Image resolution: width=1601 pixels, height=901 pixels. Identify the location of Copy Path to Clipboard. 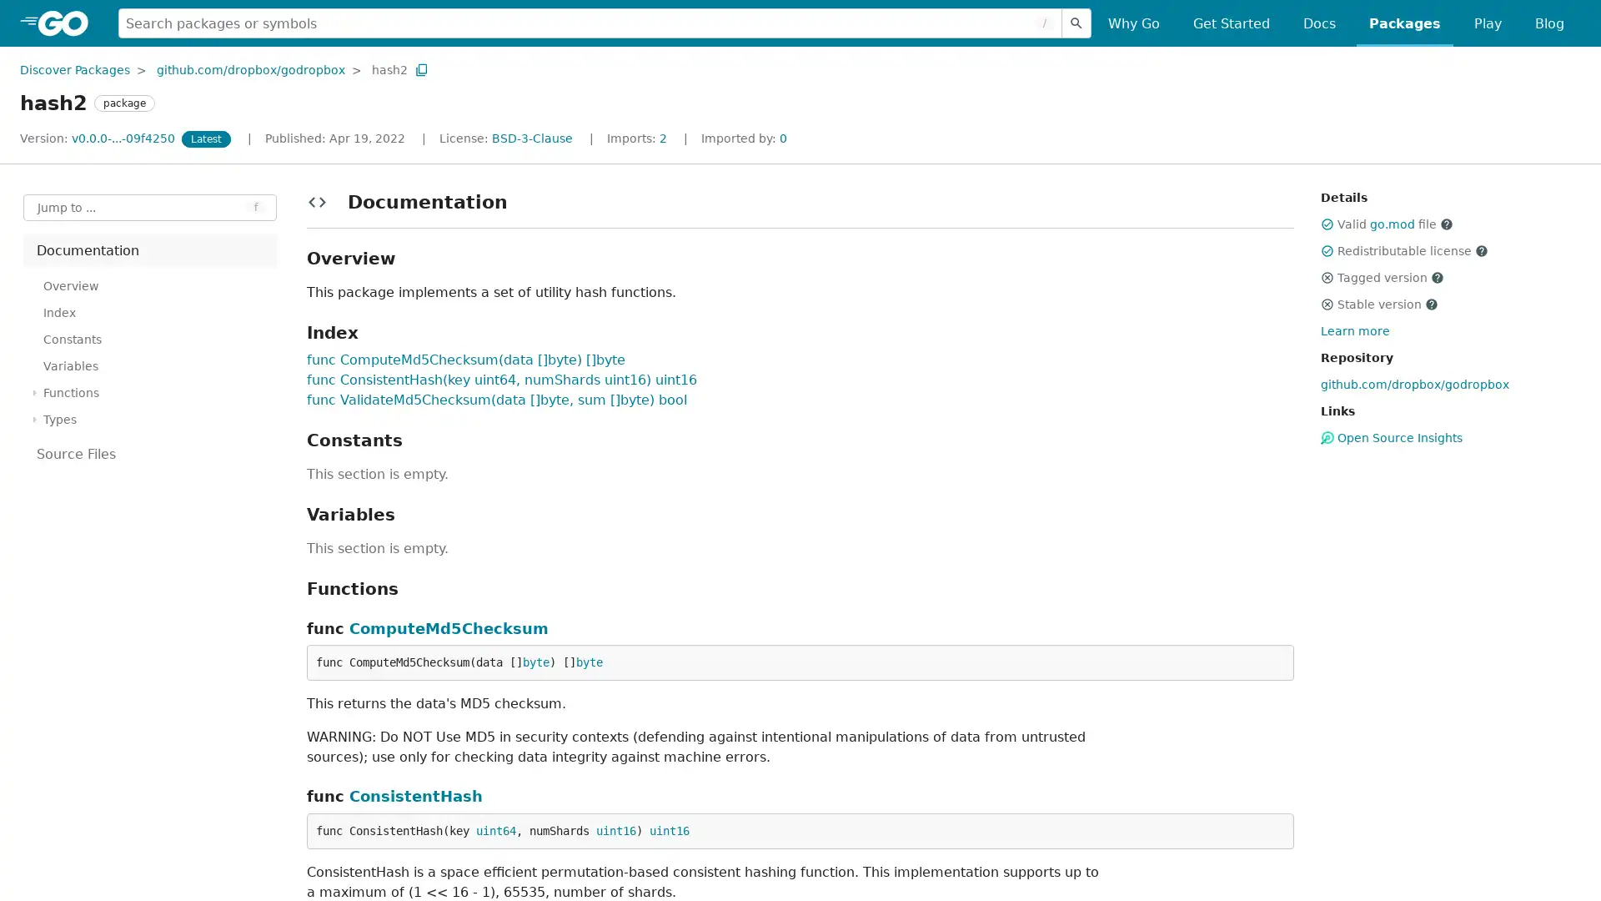
(421, 68).